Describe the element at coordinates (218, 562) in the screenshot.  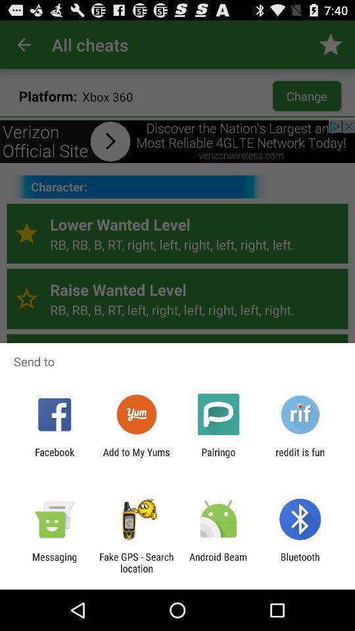
I see `the icon next to fake gps search app` at that location.